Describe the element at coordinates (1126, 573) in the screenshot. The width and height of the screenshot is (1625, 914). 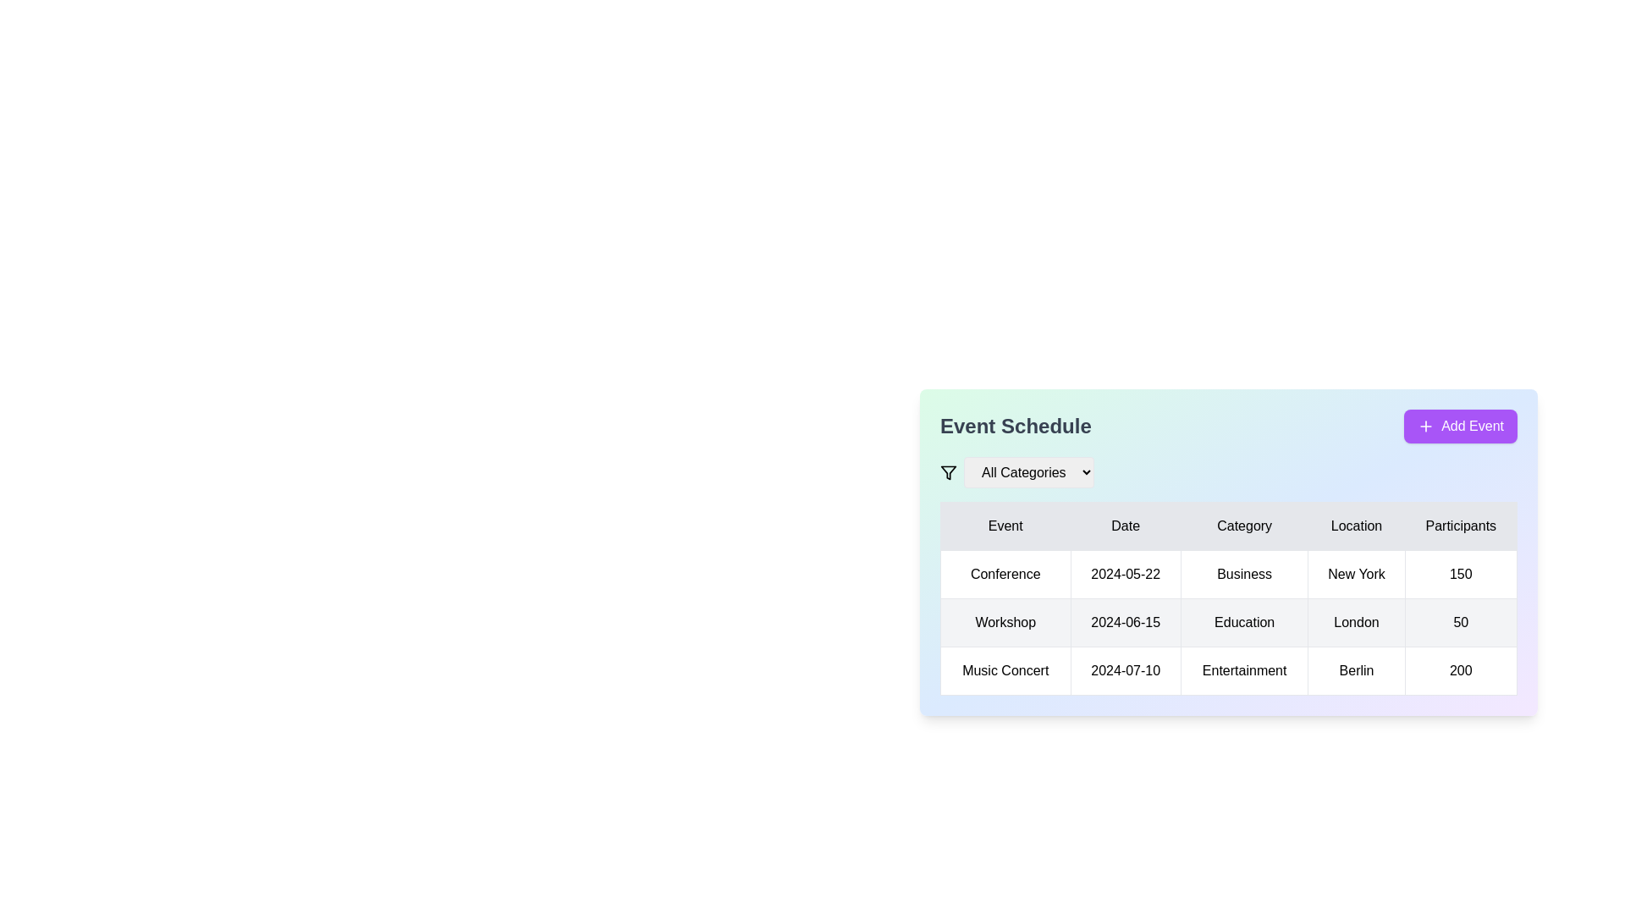
I see `the date label displaying '2024-05-22' in the 'Date' column of the 'Conference' entry in the event schedule` at that location.